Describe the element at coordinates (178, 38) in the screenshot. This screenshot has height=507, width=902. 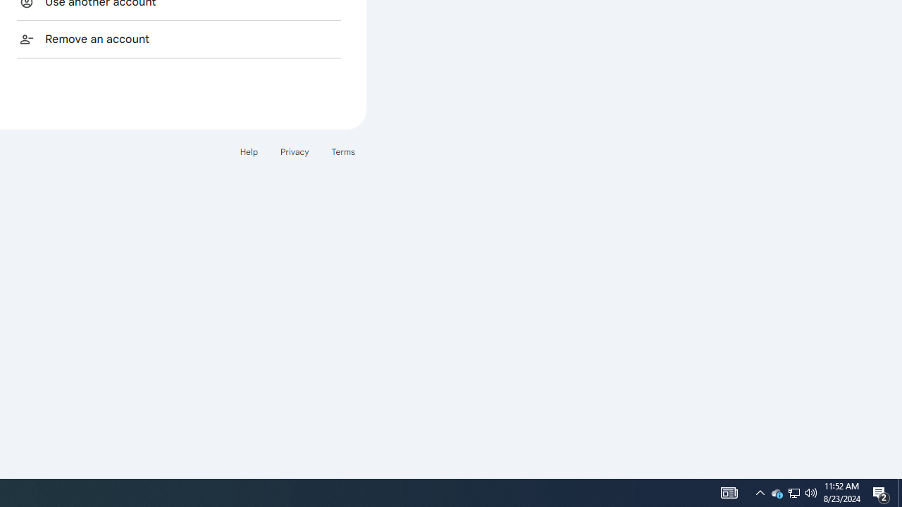
I see `'Remove an account'` at that location.